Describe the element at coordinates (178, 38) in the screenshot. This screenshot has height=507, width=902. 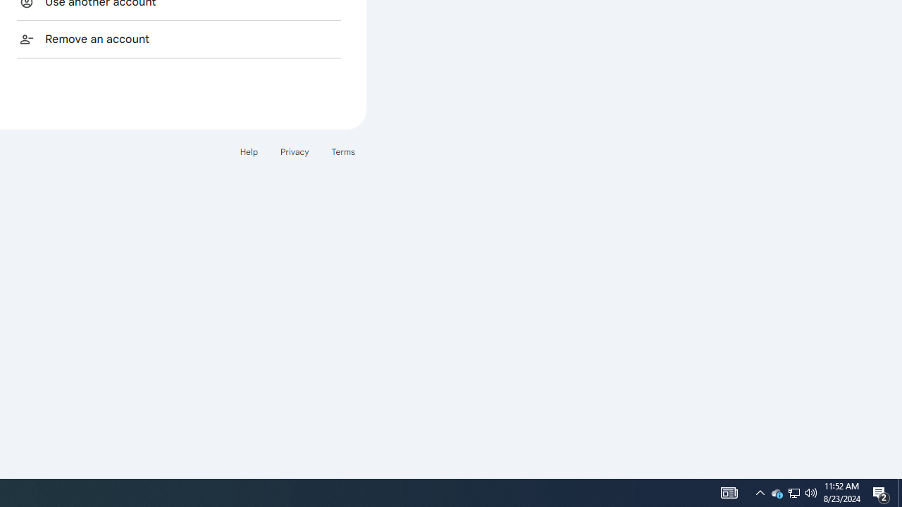
I see `'Remove an account'` at that location.